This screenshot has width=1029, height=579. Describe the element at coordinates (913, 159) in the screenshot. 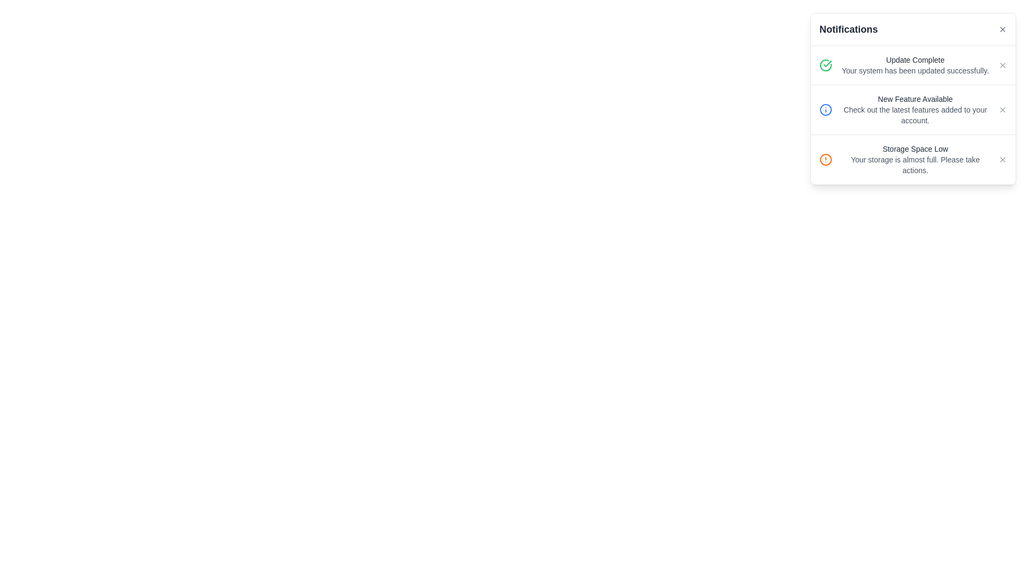

I see `the third notification item which has a warning message with an orange exclamation icon, displaying 'Storage Space Low' in bold, located at the bottom of the notifications section` at that location.